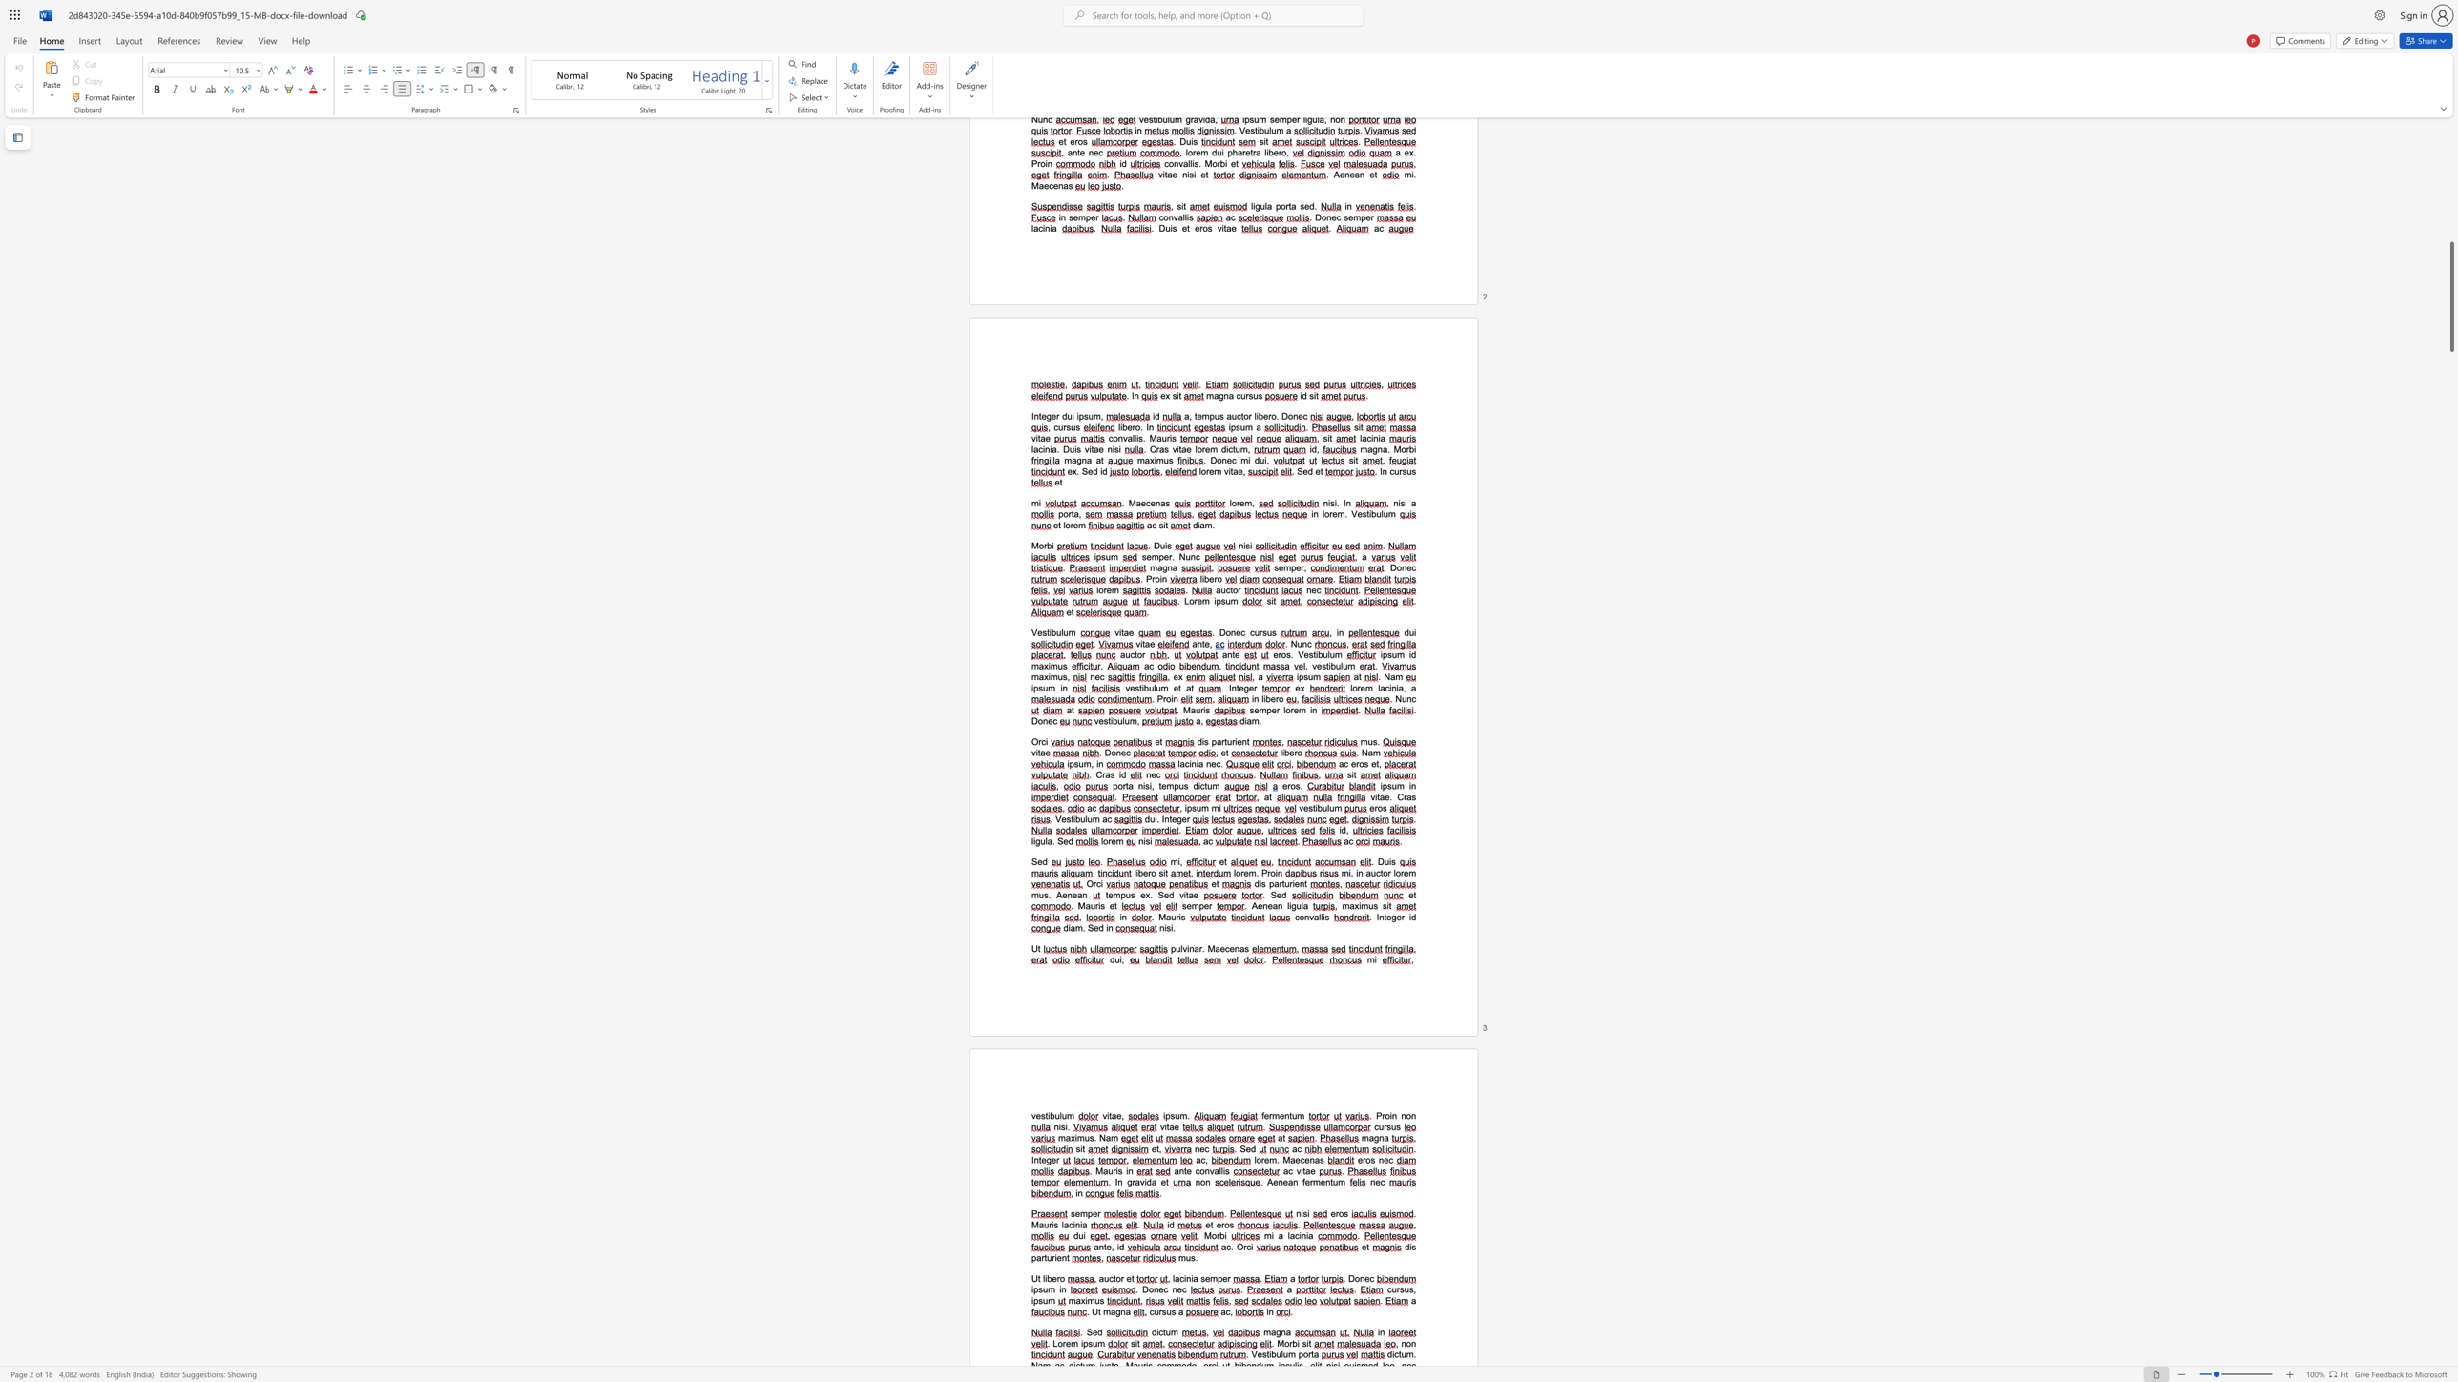 This screenshot has height=1382, width=2458. Describe the element at coordinates (1290, 1170) in the screenshot. I see `the 1th character "c" in the text` at that location.